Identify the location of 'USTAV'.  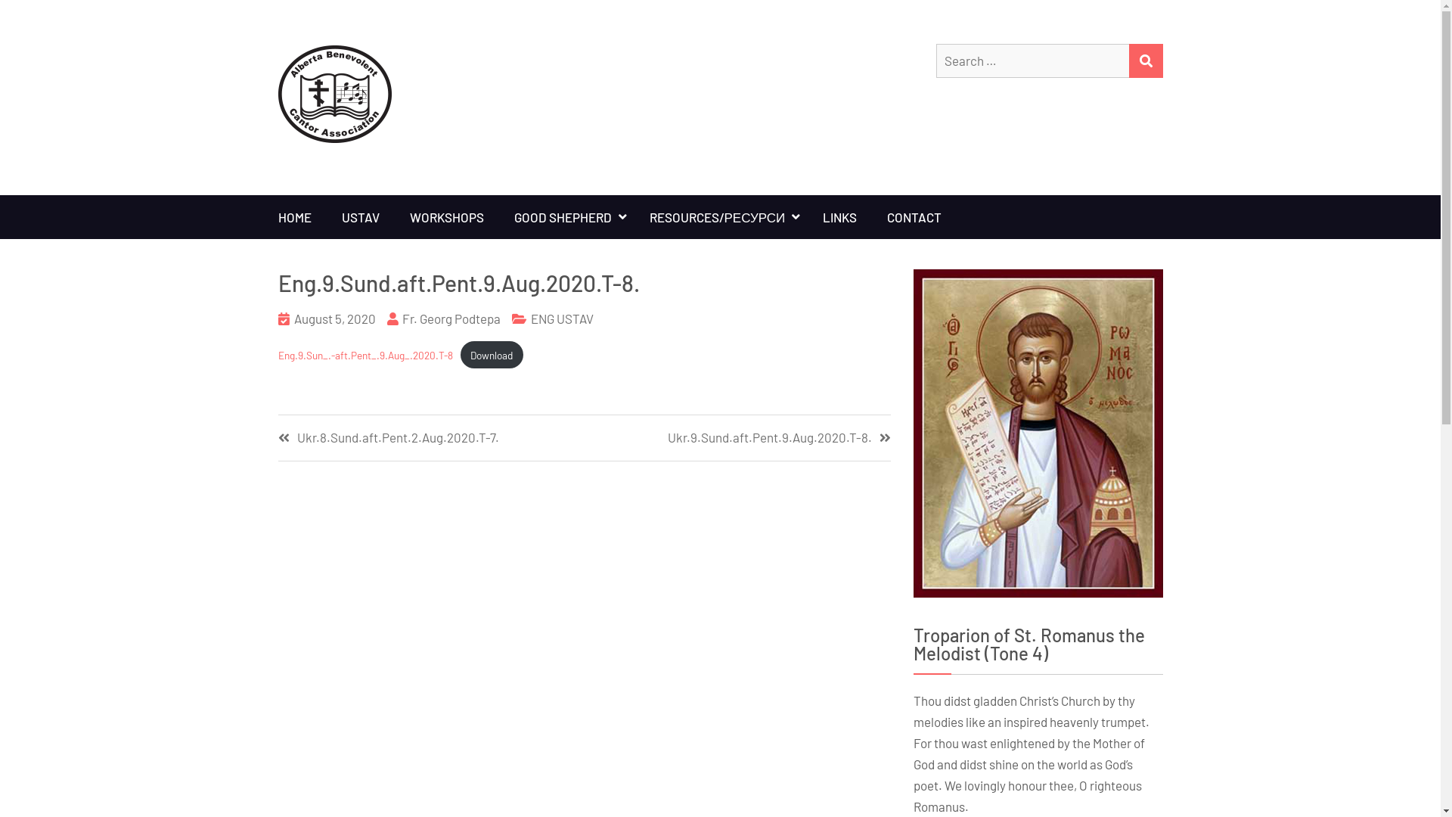
(326, 216).